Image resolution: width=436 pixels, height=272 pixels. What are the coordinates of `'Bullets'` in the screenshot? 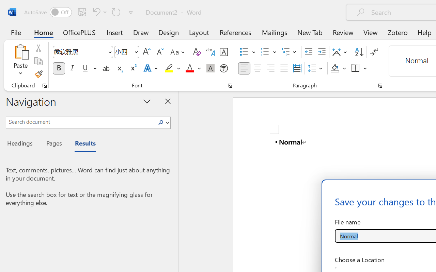 It's located at (244, 52).